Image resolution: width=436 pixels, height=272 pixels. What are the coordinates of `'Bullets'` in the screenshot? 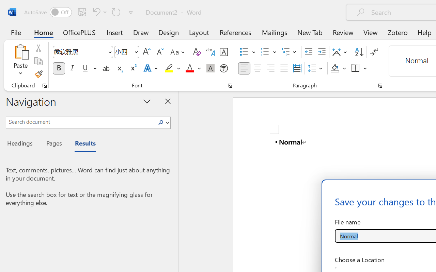 It's located at (244, 52).